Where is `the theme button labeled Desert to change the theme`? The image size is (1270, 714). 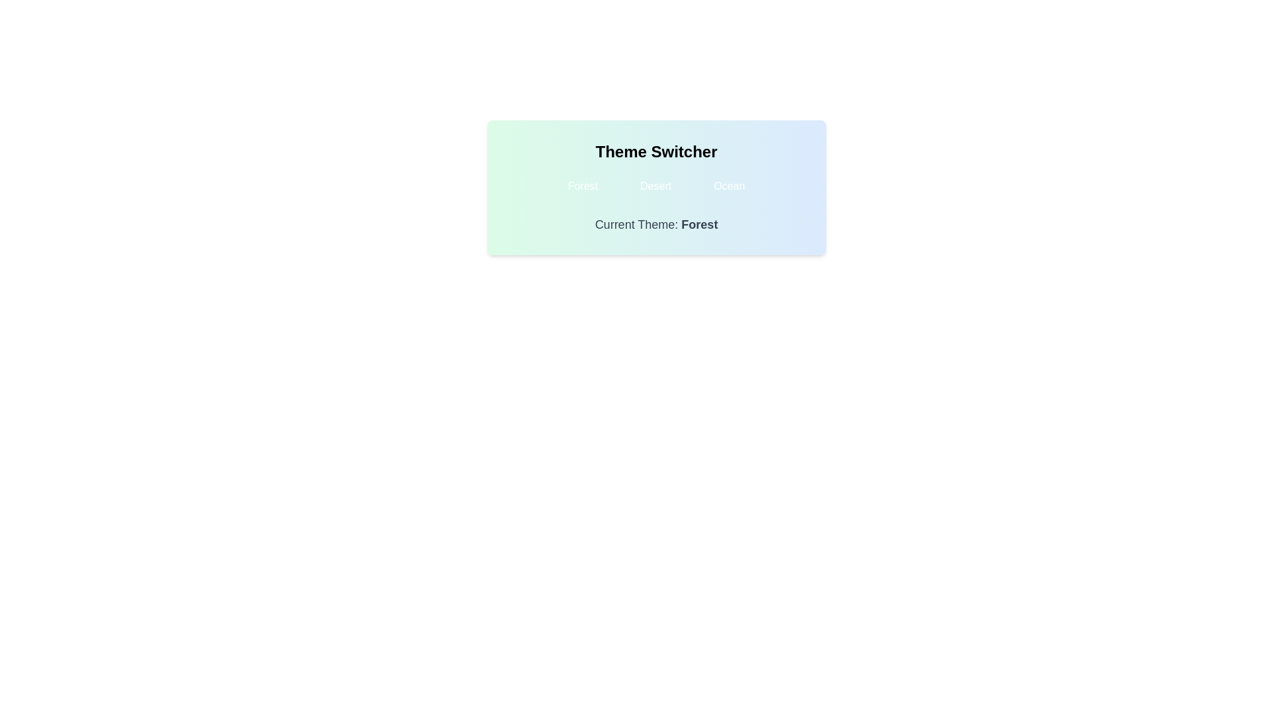
the theme button labeled Desert to change the theme is located at coordinates (656, 186).